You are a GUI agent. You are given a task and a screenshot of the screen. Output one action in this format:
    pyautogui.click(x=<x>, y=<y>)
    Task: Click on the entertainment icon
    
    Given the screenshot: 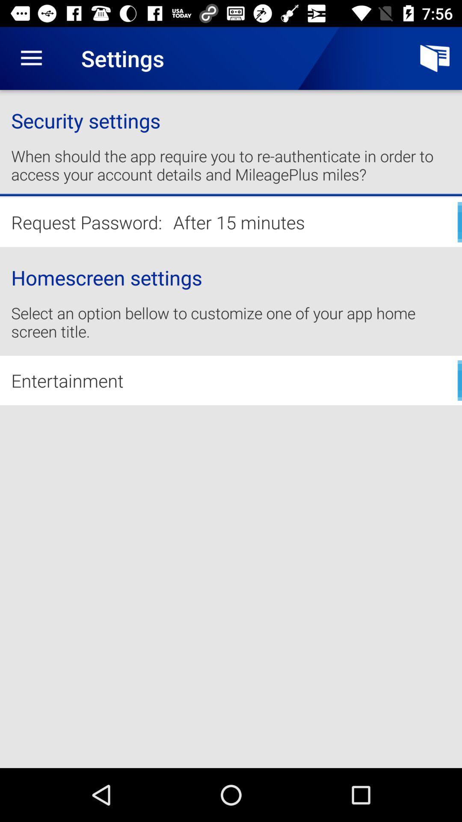 What is the action you would take?
    pyautogui.click(x=231, y=380)
    